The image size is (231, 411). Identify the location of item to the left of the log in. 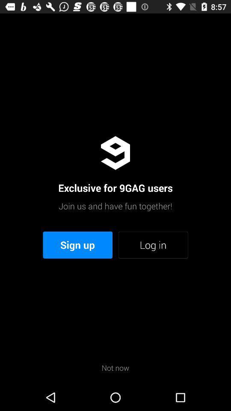
(77, 245).